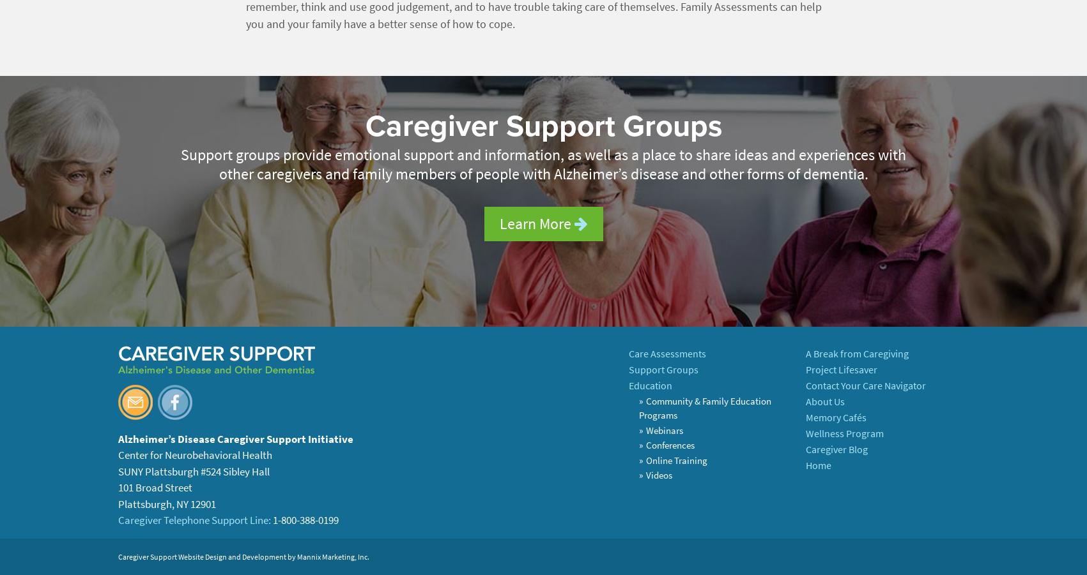 This screenshot has width=1087, height=575. Describe the element at coordinates (173, 503) in the screenshot. I see `','` at that location.